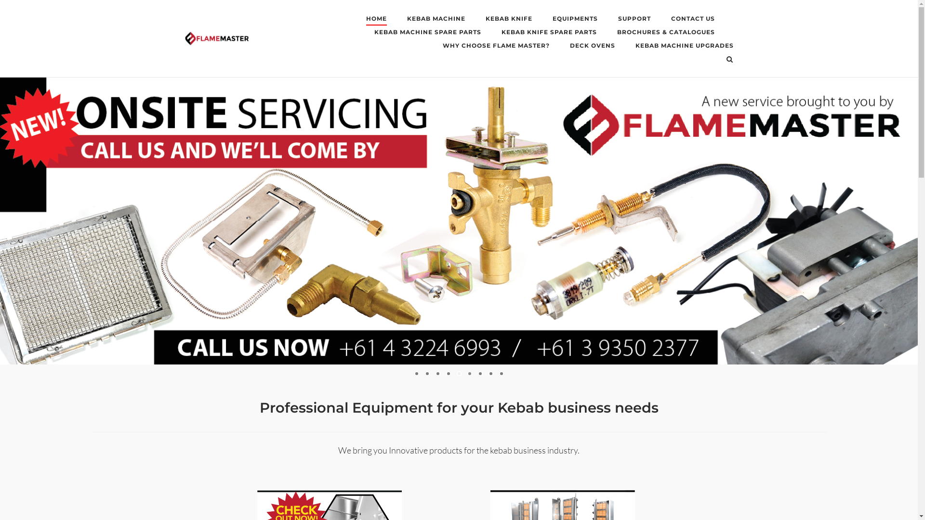  I want to click on 'KEBAB MACHINE SPARE PARTS', so click(427, 33).